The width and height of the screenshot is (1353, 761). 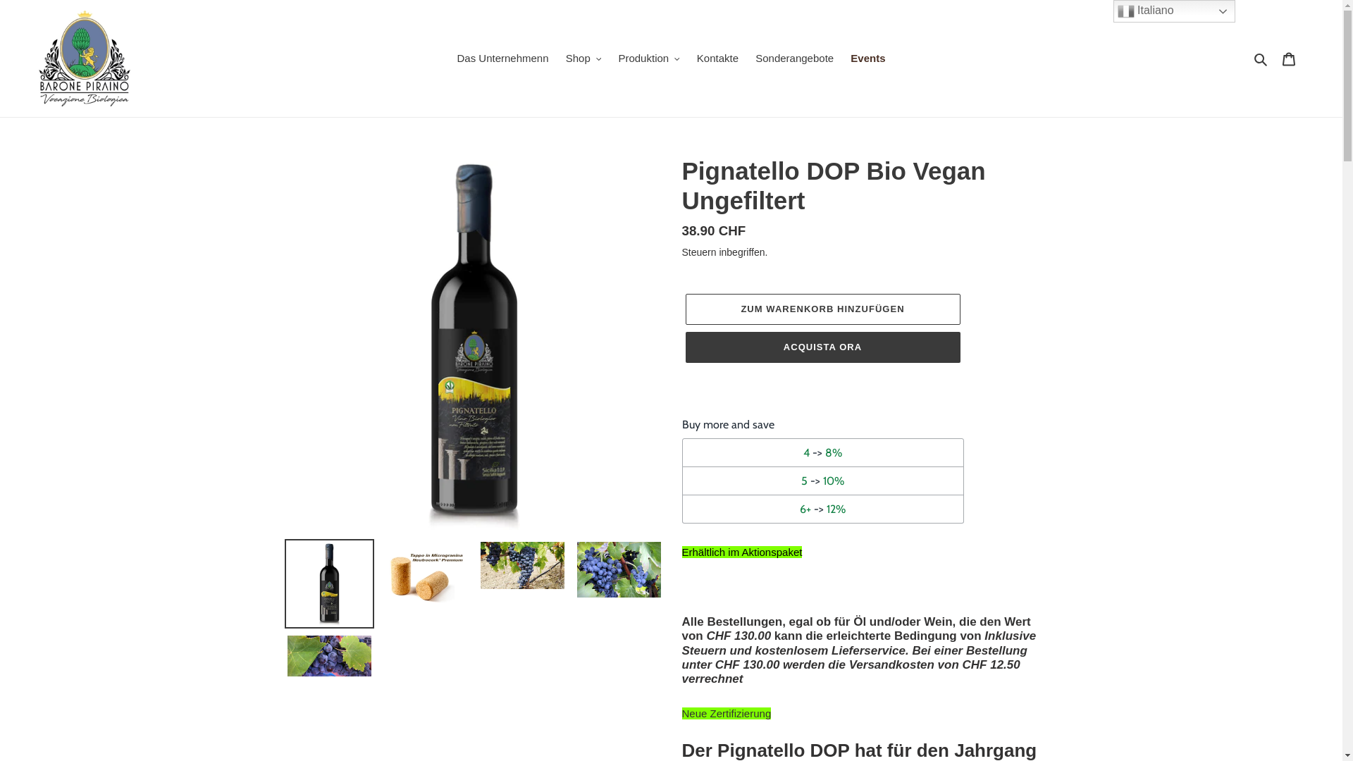 What do you see at coordinates (1112, 11) in the screenshot?
I see `'Italiano'` at bounding box center [1112, 11].